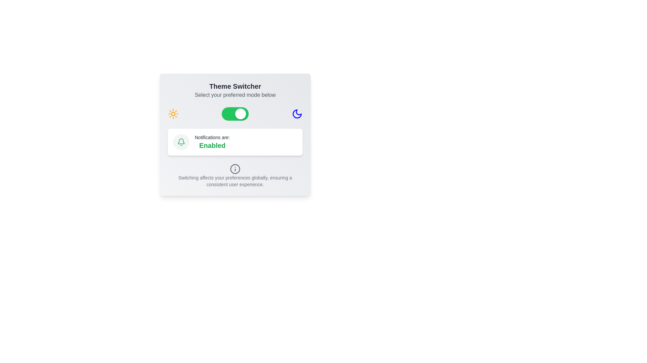  Describe the element at coordinates (173, 114) in the screenshot. I see `the orange sun icon located in the settings panel, representing day or light mode` at that location.